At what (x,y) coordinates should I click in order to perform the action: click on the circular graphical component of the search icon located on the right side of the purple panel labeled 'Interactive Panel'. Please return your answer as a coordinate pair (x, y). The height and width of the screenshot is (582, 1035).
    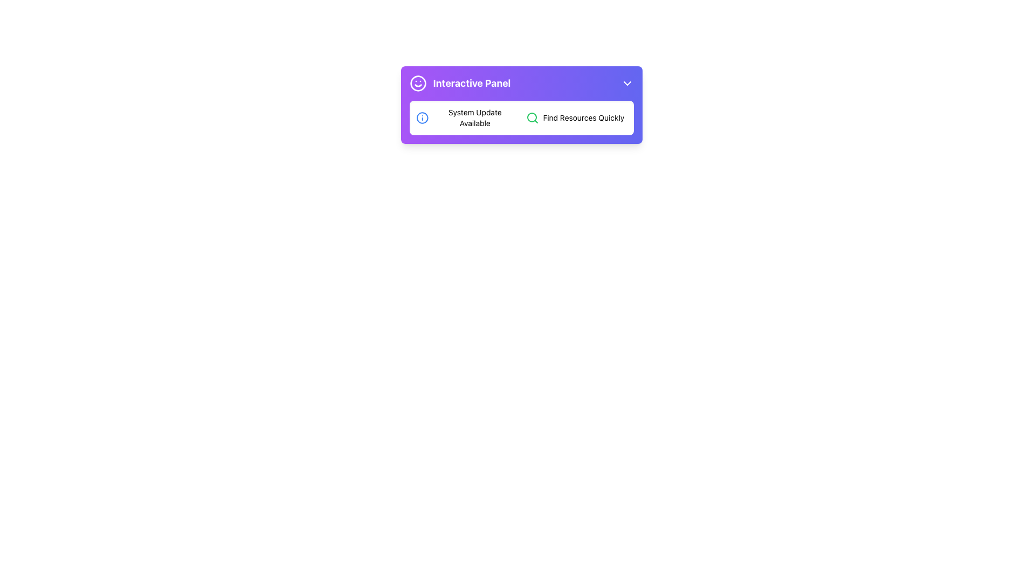
    Looking at the image, I should click on (532, 117).